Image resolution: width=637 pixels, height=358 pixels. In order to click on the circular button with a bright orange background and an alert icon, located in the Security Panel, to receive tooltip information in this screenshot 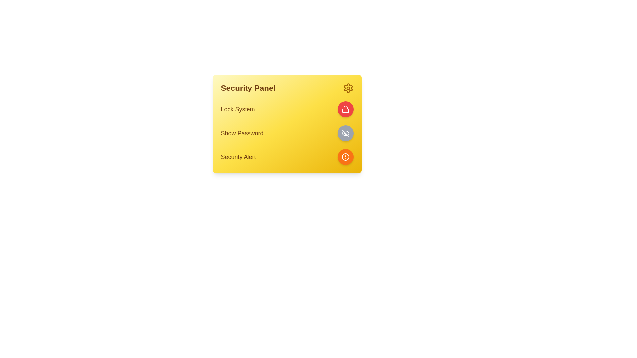, I will do `click(345, 157)`.